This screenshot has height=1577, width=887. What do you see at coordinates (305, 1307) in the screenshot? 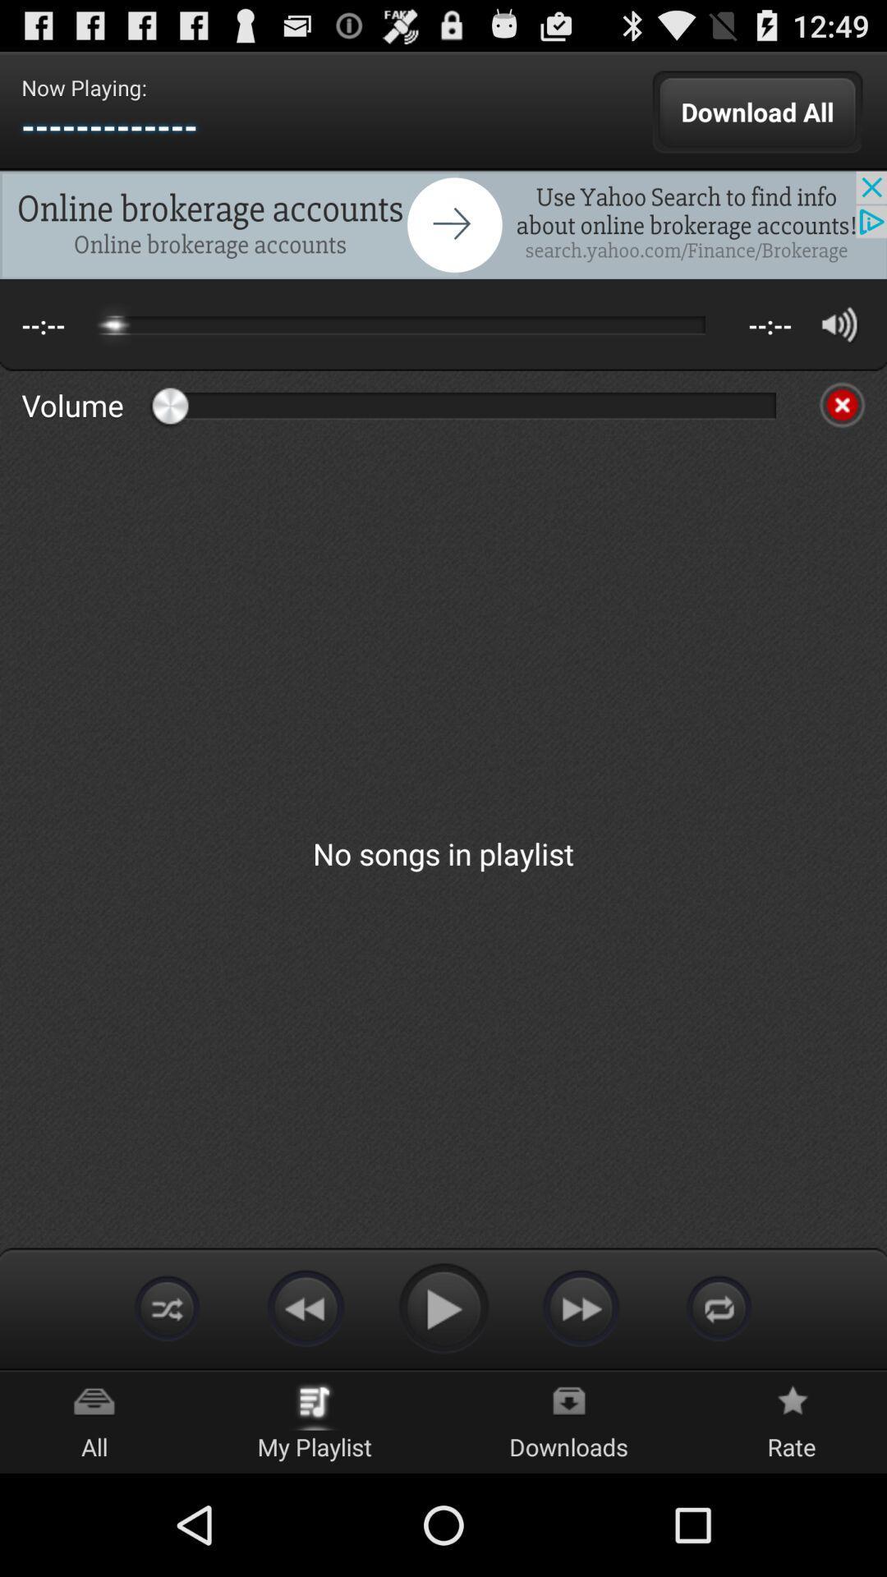
I see `return song` at bounding box center [305, 1307].